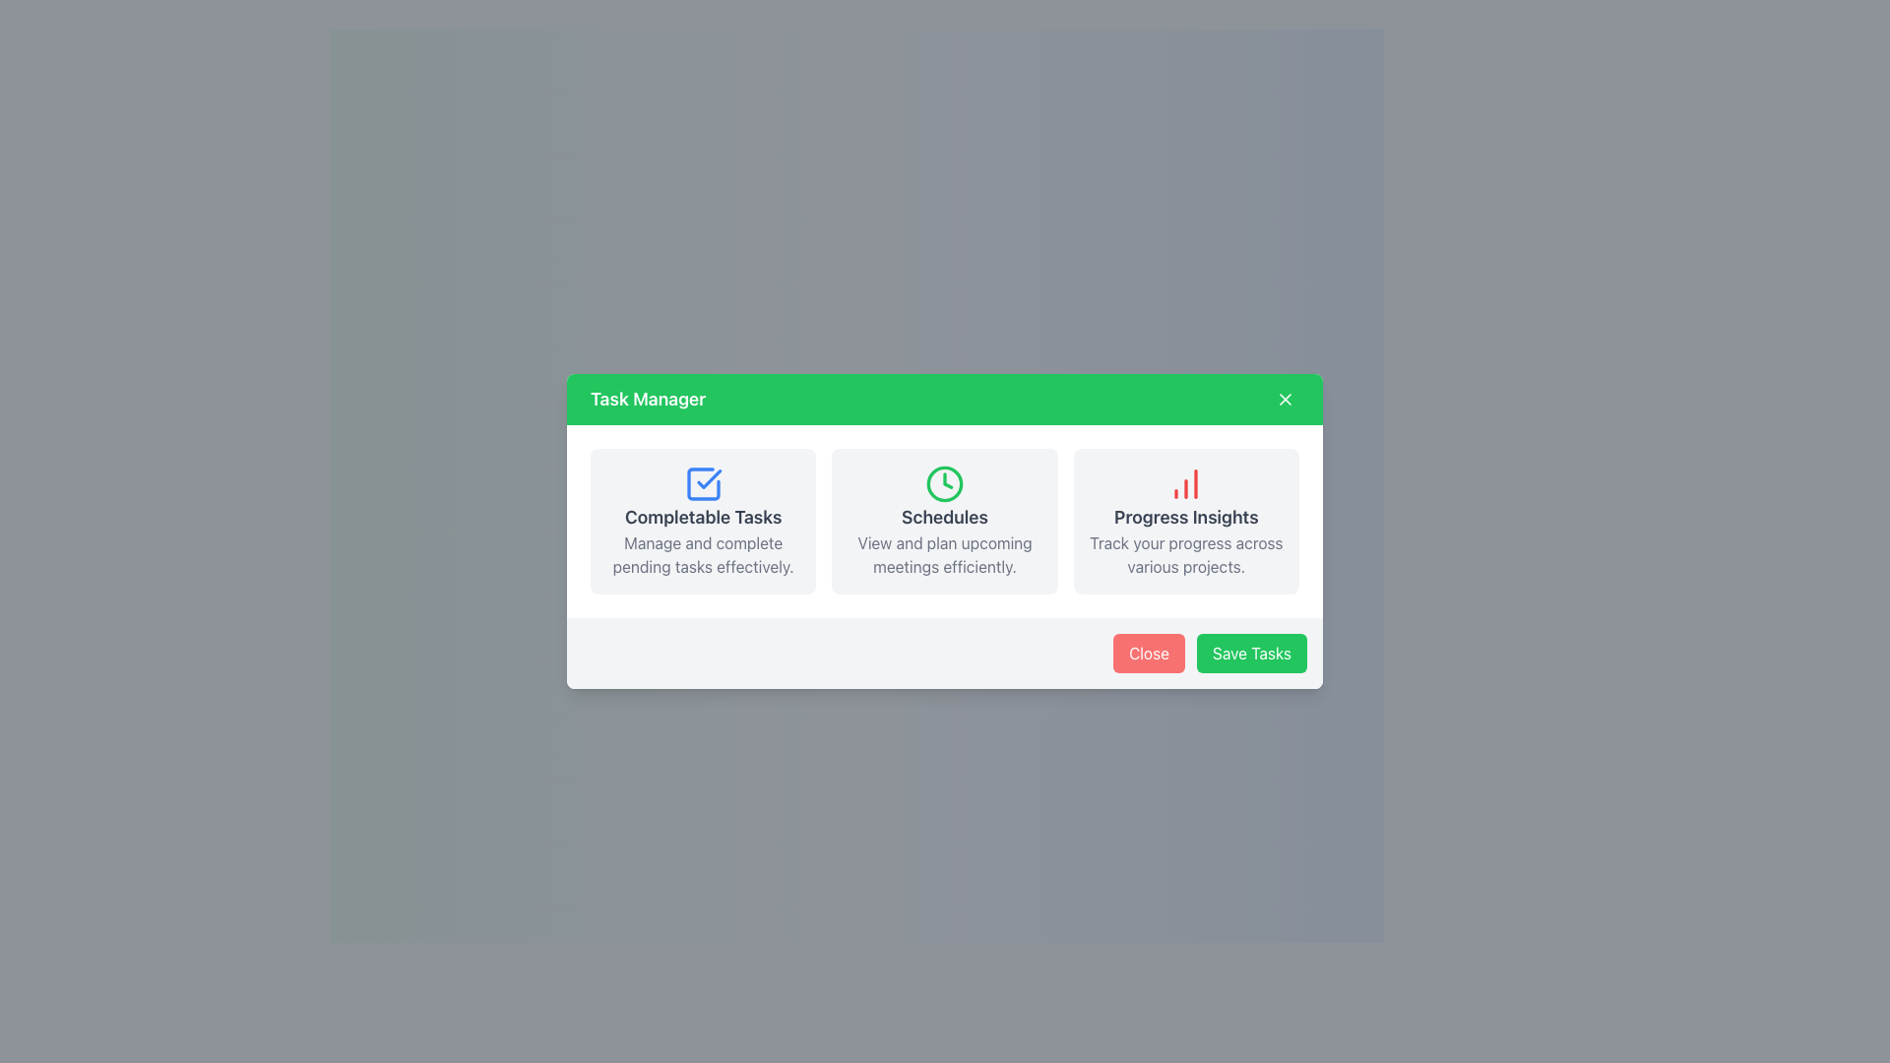  I want to click on the informational Text Label located directly below the 'Progress Insights' title in the 'Progress Insights' panel, so click(1185, 554).